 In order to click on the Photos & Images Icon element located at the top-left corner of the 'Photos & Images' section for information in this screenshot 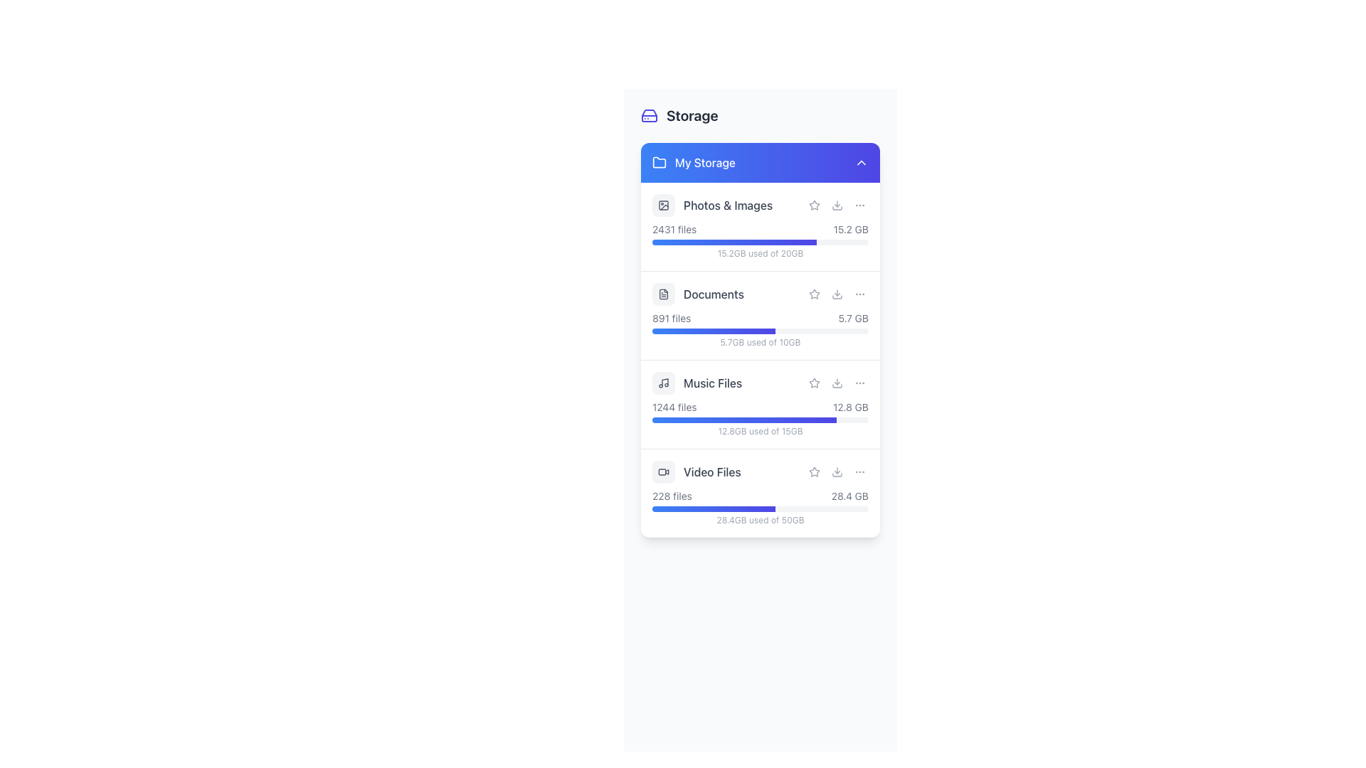, I will do `click(662, 206)`.